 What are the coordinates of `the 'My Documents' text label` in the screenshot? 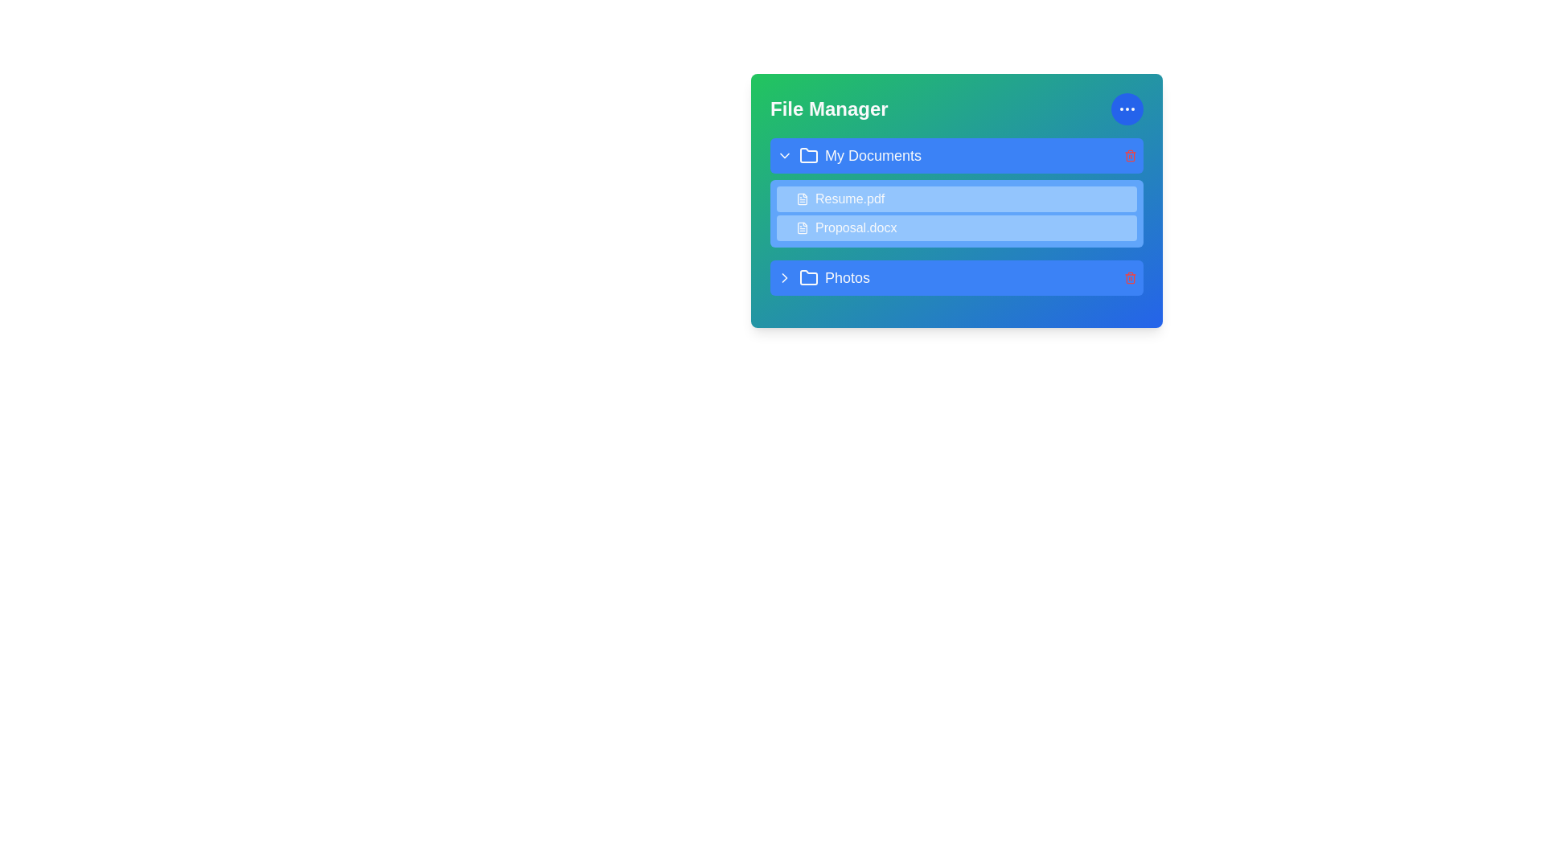 It's located at (872, 155).